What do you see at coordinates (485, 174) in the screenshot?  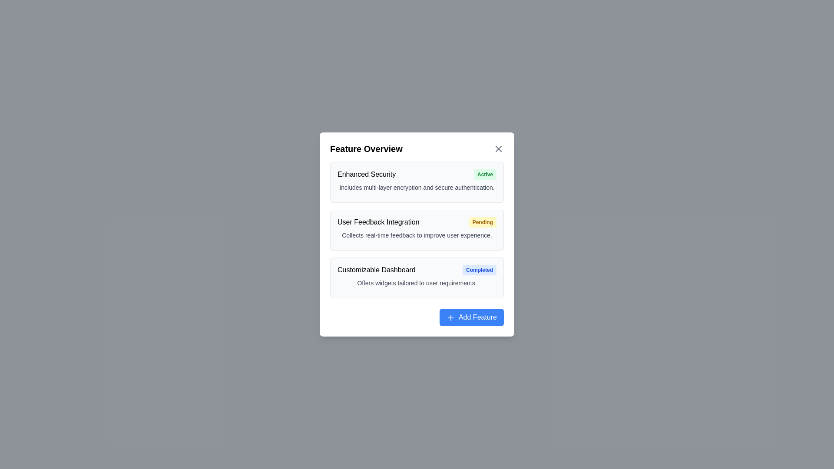 I see `the Status indicator label that indicates the status of the 'Enhanced Security' feature, located on the right side of the 'Enhanced Security' section within a modal dialog` at bounding box center [485, 174].